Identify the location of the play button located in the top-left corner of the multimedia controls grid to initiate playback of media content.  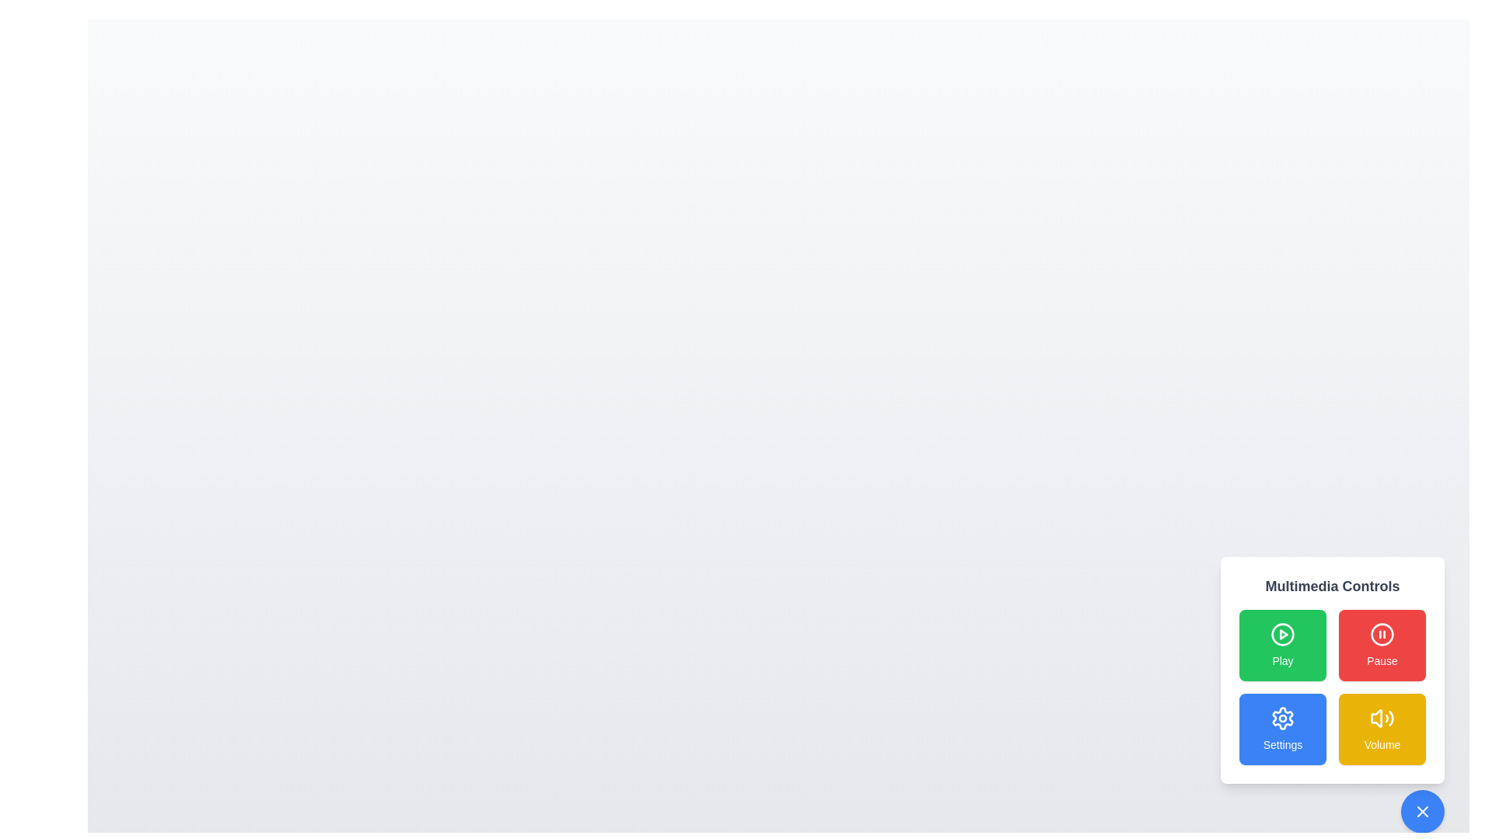
(1283, 645).